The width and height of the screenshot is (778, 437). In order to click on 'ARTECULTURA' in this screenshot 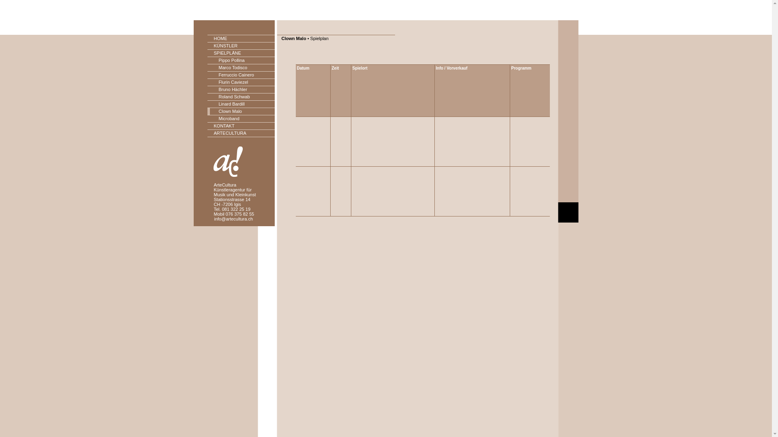, I will do `click(241, 133)`.